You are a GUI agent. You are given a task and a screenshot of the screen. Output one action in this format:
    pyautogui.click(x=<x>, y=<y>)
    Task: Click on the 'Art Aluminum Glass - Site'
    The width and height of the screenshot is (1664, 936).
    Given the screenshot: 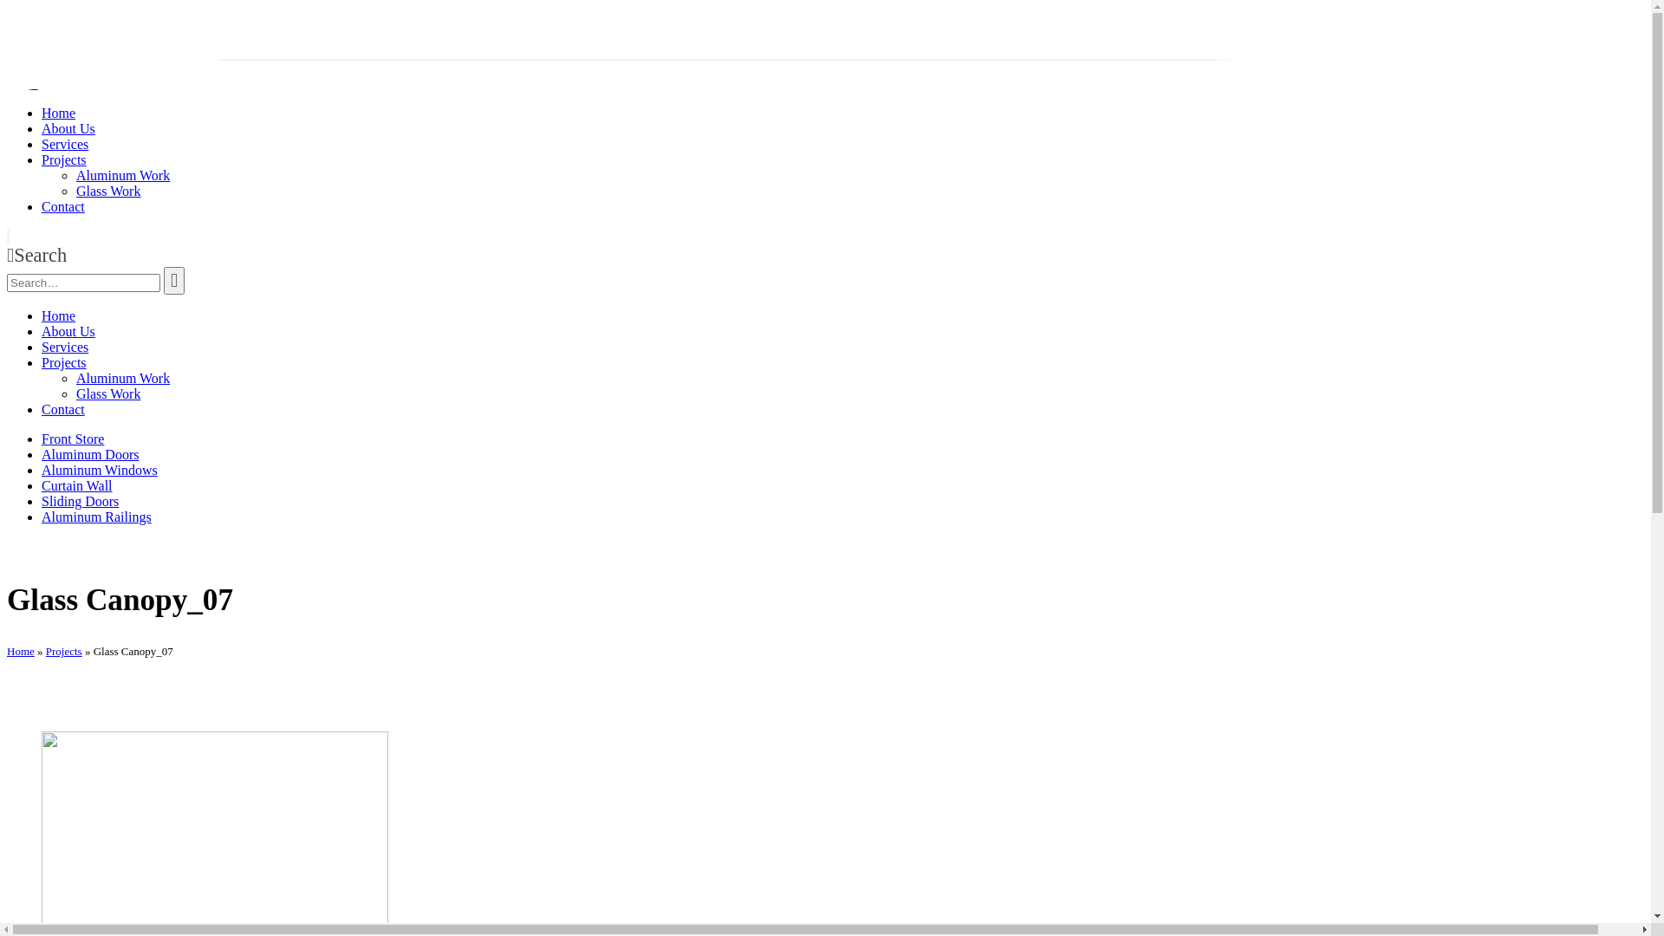 What is the action you would take?
    pyautogui.click(x=60, y=83)
    